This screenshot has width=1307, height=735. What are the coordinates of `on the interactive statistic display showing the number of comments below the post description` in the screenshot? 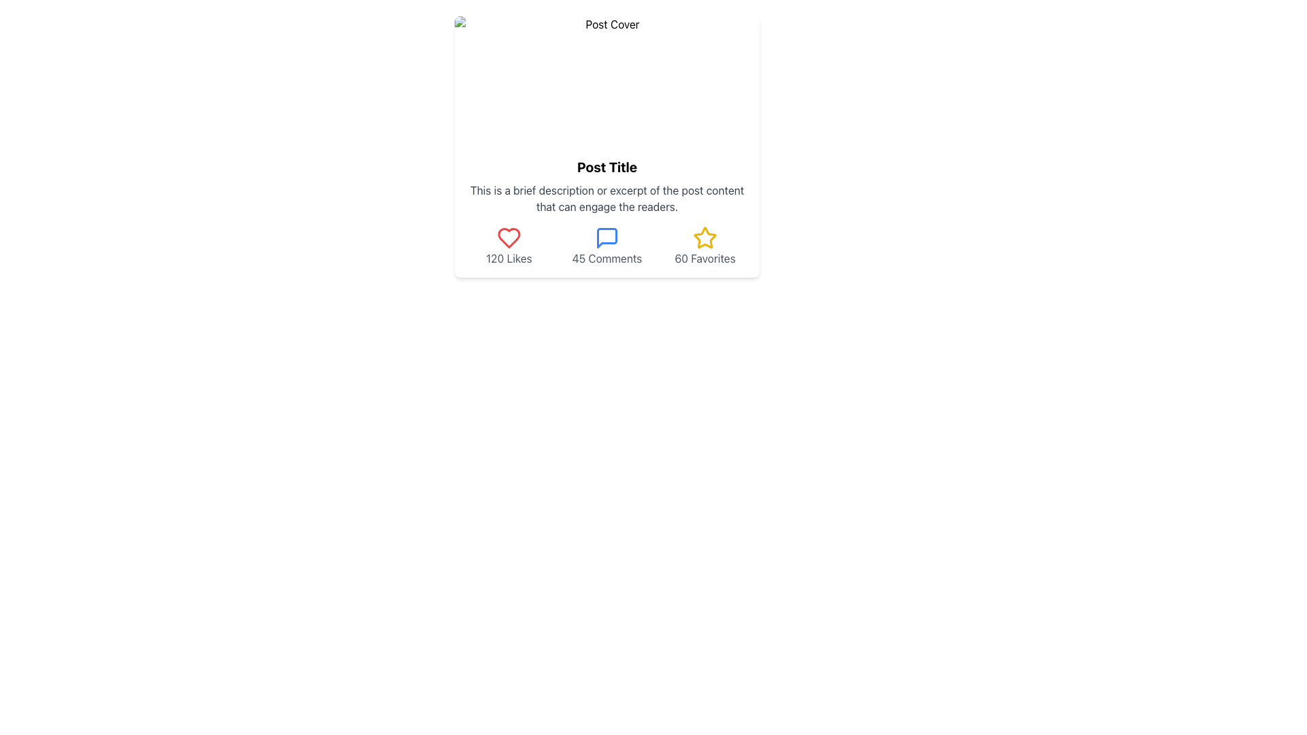 It's located at (607, 246).